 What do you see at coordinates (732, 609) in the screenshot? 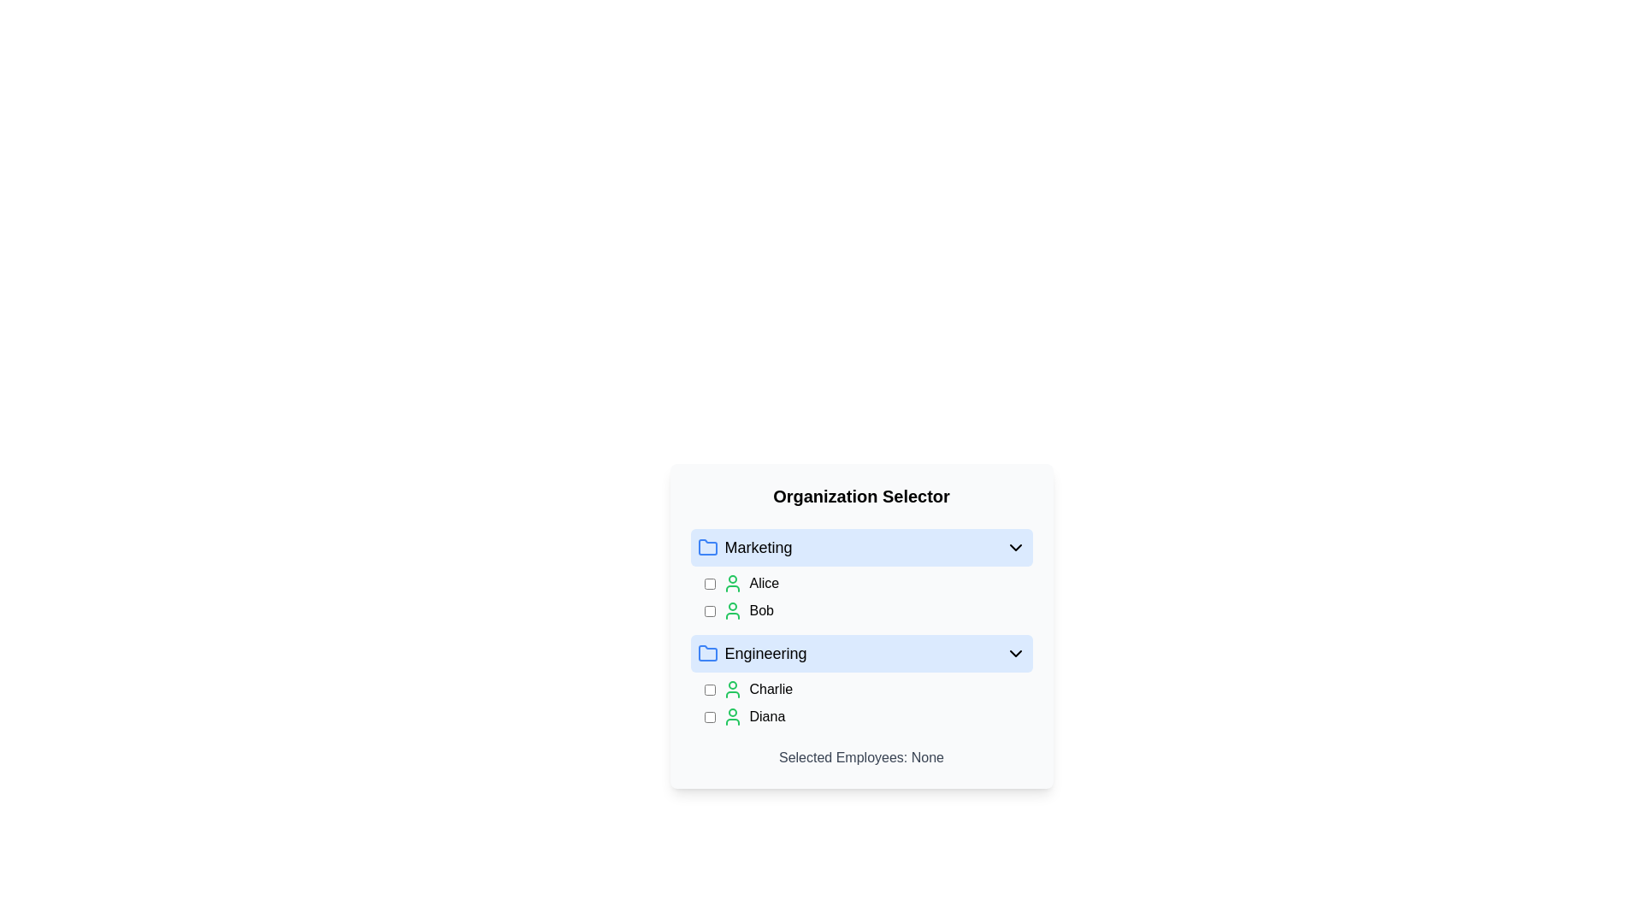
I see `the decorative icon representing the user 'Bob' in the 'Marketing' section of the 'Organization Selector', which is the second element in the row` at bounding box center [732, 609].